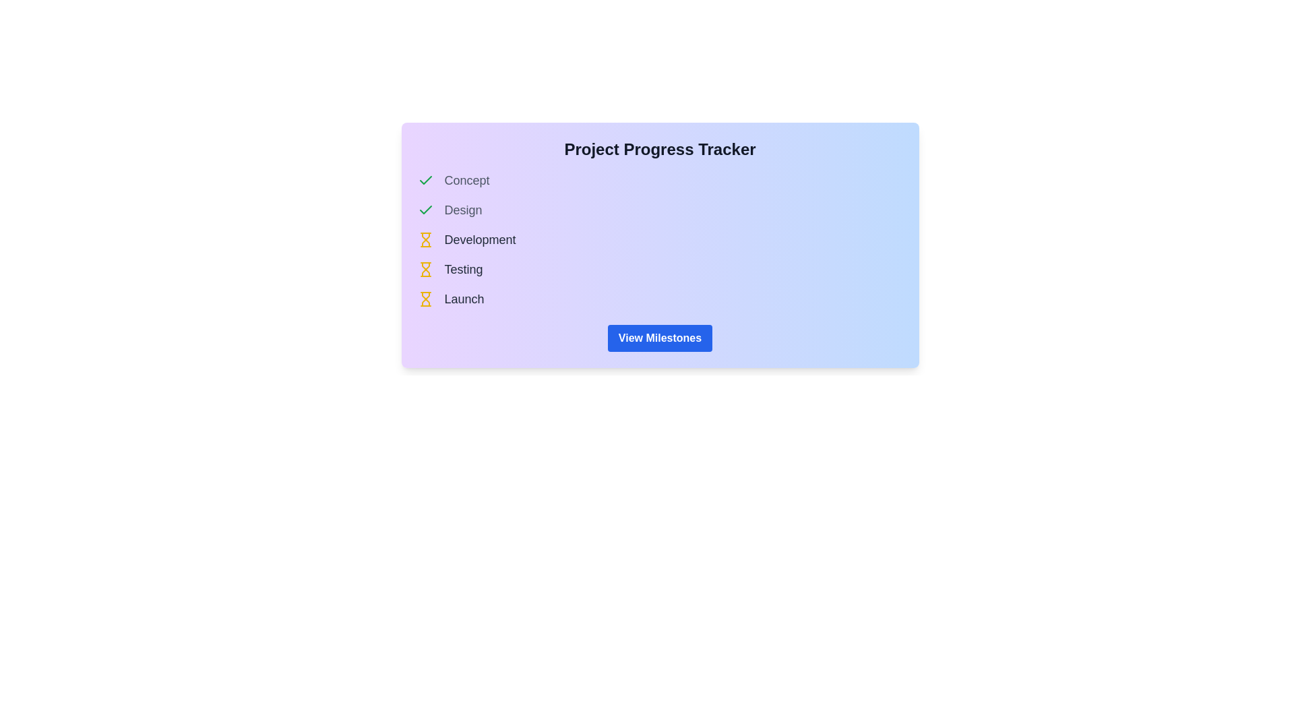  What do you see at coordinates (463, 210) in the screenshot?
I see `the 'Design' text label in the Project Progress Tracker, which is located below 'Concept' and above 'Development'` at bounding box center [463, 210].